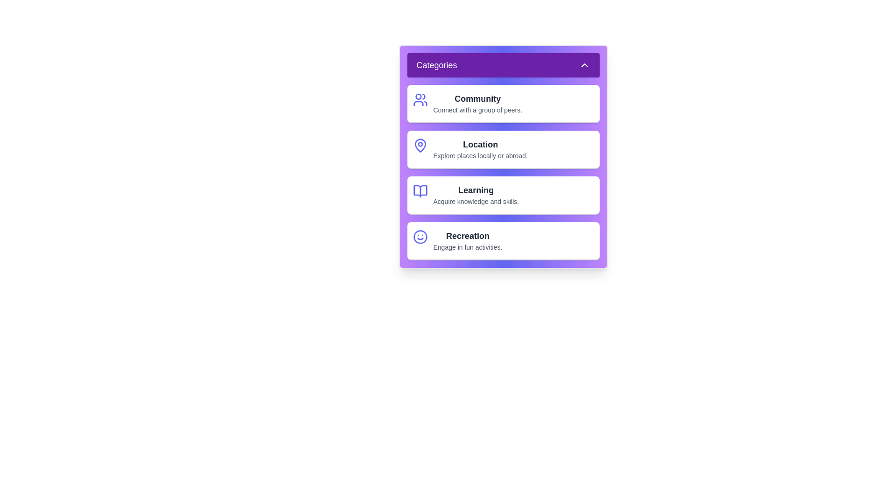 The image size is (896, 504). What do you see at coordinates (503, 104) in the screenshot?
I see `the category item Community to interact with it` at bounding box center [503, 104].